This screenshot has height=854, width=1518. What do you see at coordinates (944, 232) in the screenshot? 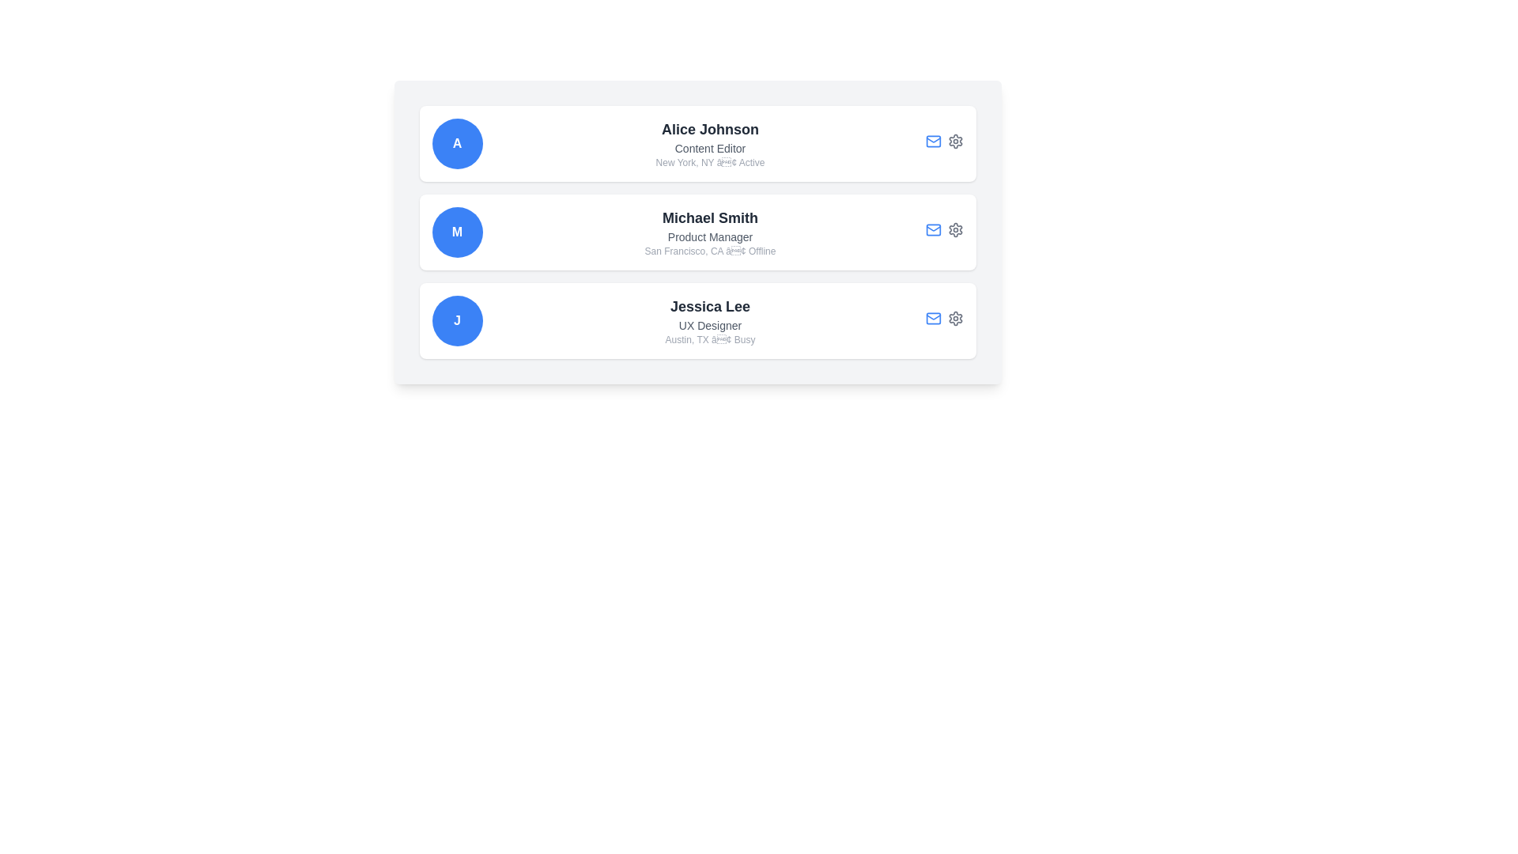
I see `the group of action icons for 'Michael Smith', which includes a blue mail icon and a gray gear icon` at bounding box center [944, 232].